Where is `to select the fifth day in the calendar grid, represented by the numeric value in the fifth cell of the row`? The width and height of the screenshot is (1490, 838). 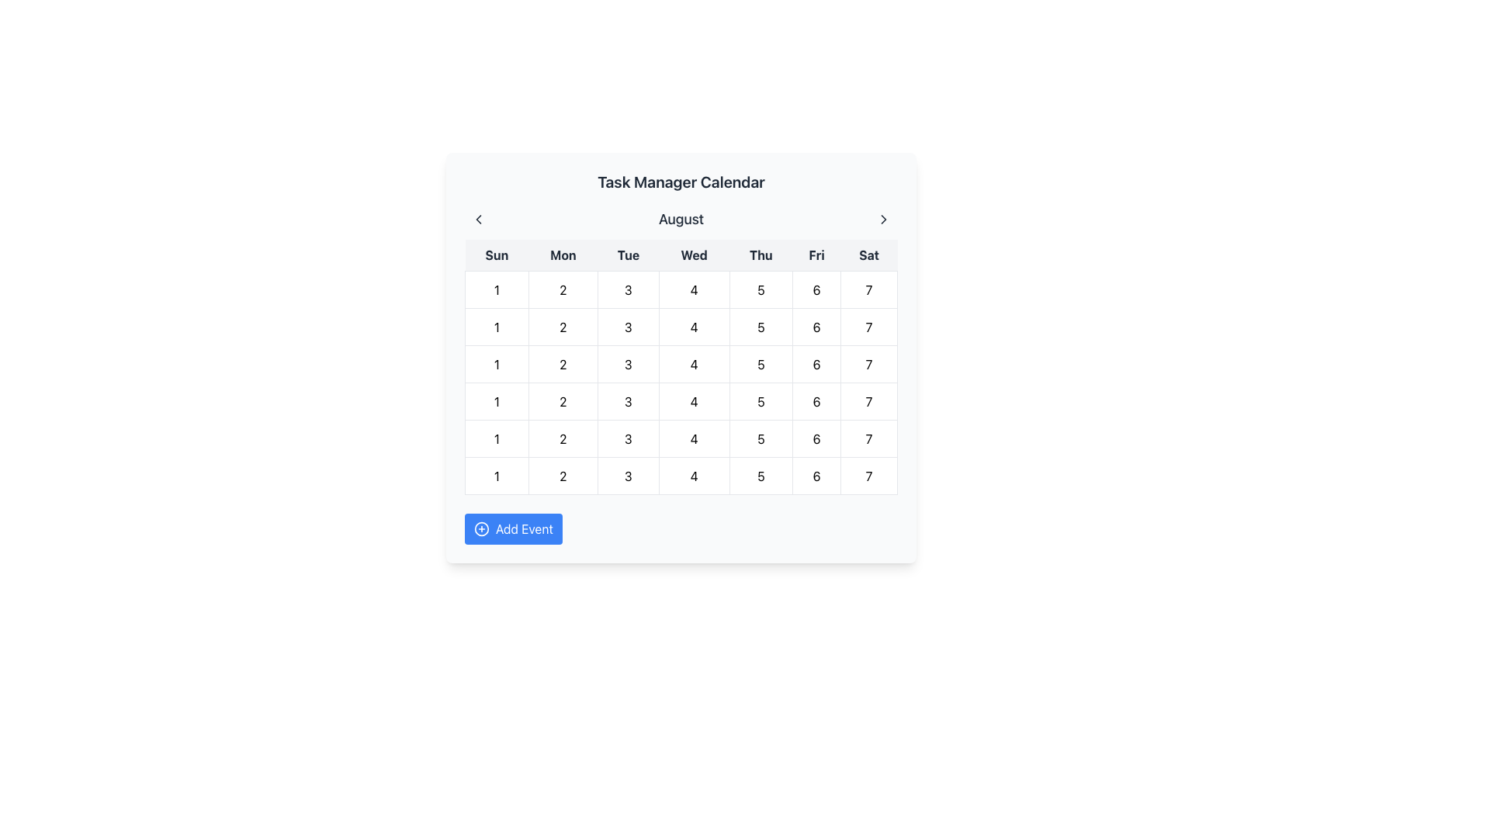 to select the fifth day in the calendar grid, represented by the numeric value in the fifth cell of the row is located at coordinates (761, 475).